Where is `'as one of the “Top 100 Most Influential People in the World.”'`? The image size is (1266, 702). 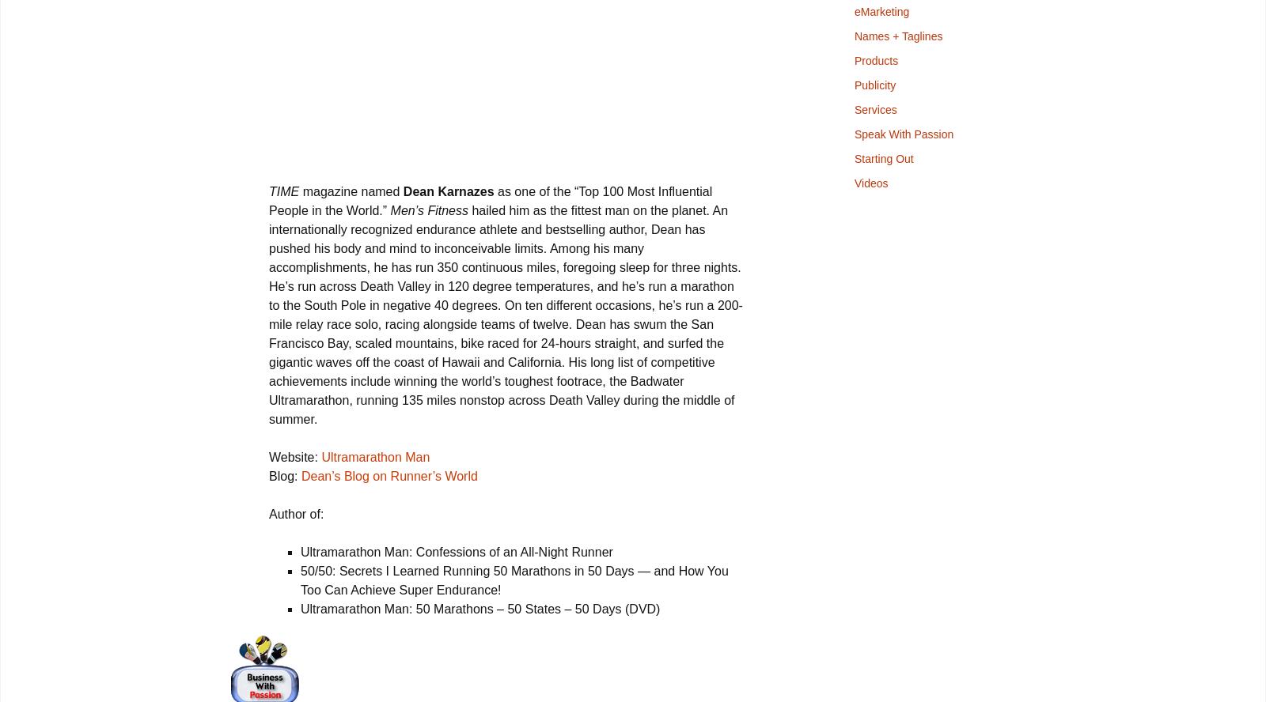
'as one of the “Top 100 Most Influential People in the World.”' is located at coordinates (491, 201).